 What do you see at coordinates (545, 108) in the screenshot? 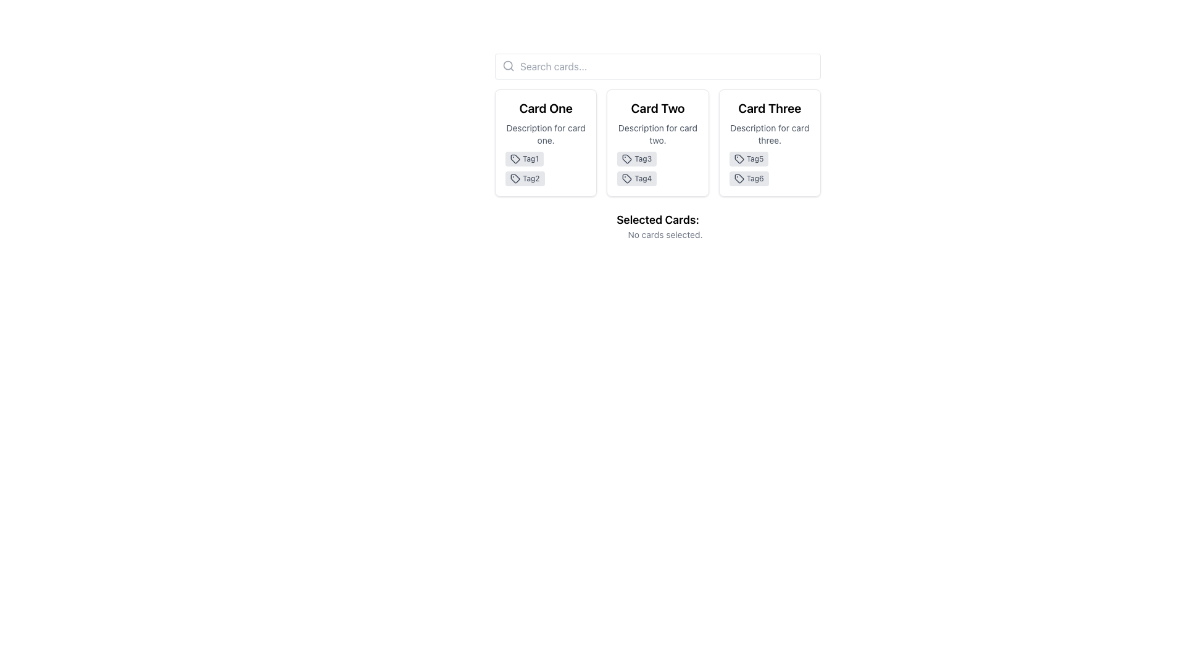
I see `the static text label reading 'Card One', which is styled with a larger font size and bold weight, located at the top section of the first card in a horizontal list of cards` at bounding box center [545, 108].